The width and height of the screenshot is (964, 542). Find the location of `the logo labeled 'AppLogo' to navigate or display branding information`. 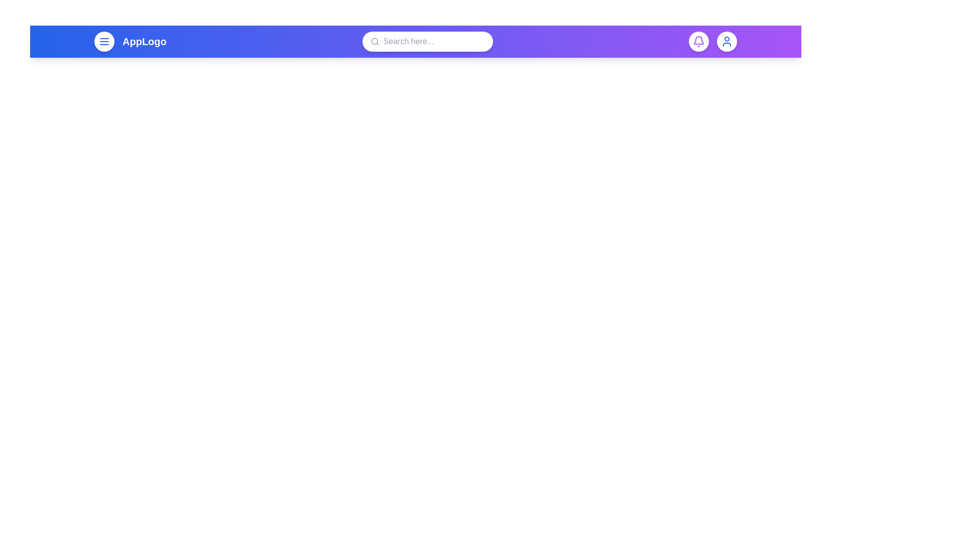

the logo labeled 'AppLogo' to navigate or display branding information is located at coordinates (144, 41).